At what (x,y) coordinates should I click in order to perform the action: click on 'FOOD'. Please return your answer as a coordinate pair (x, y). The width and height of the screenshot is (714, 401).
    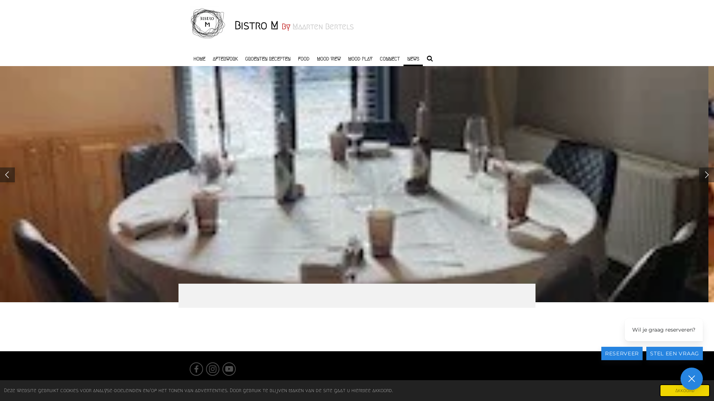
    Looking at the image, I should click on (303, 58).